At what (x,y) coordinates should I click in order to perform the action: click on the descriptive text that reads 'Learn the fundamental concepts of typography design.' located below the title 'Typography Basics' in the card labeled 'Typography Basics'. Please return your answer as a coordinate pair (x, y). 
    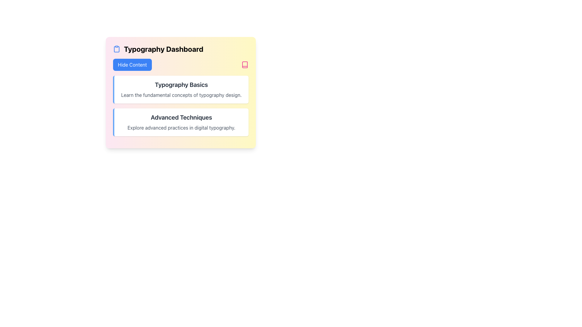
    Looking at the image, I should click on (181, 95).